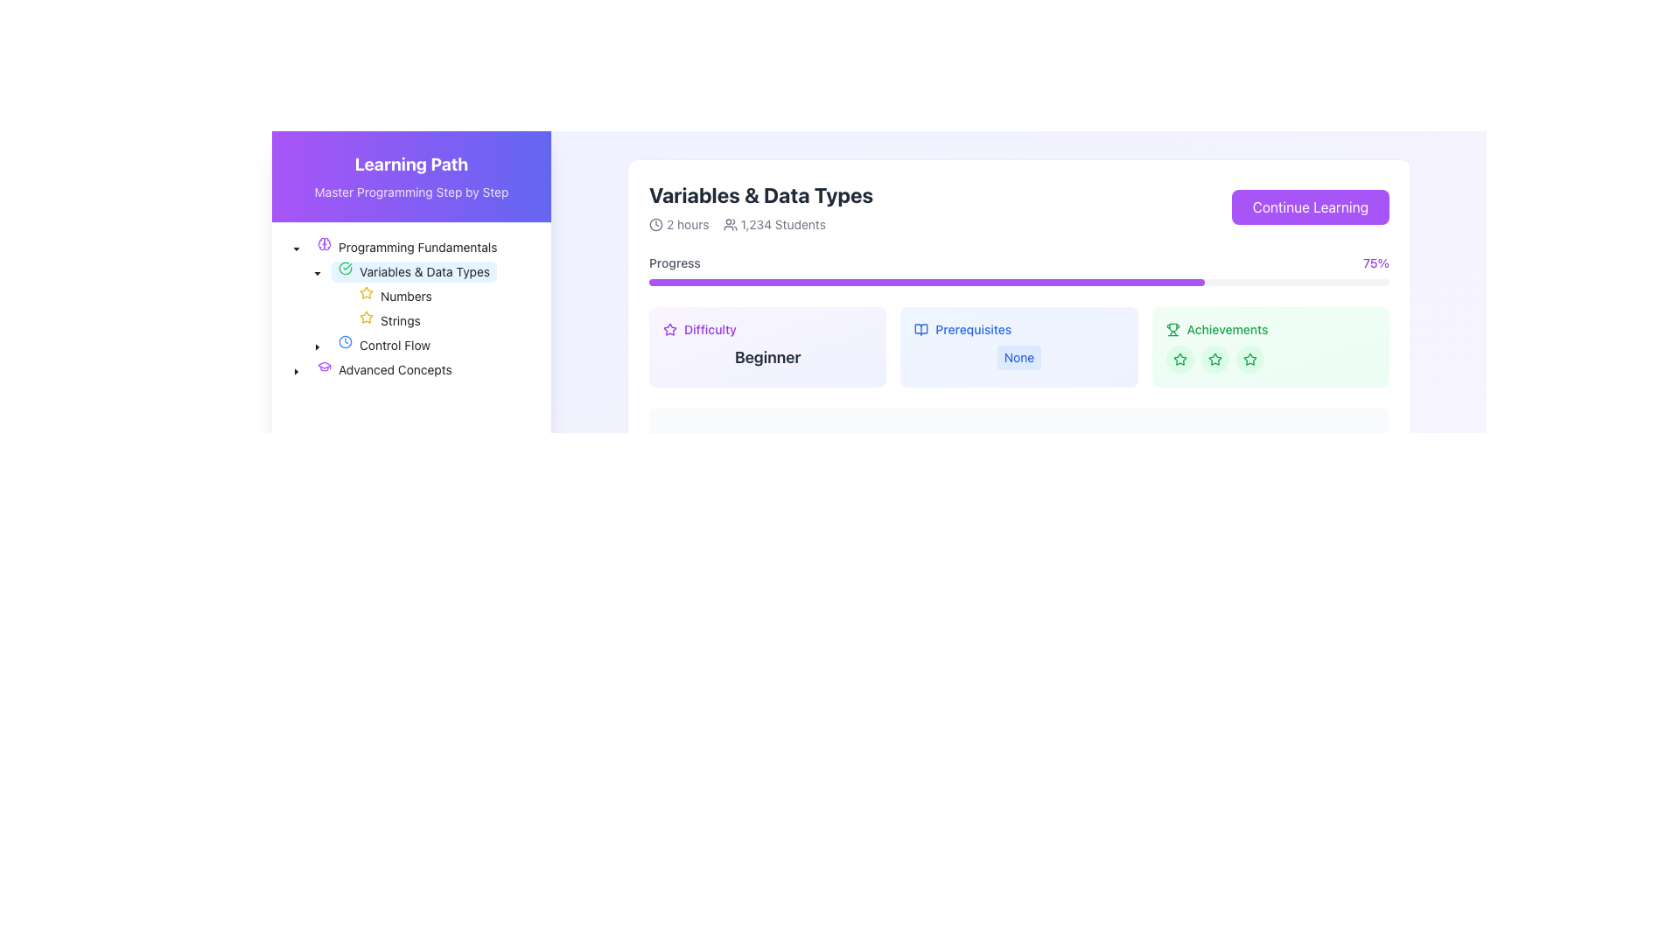 The image size is (1680, 945). Describe the element at coordinates (773, 224) in the screenshot. I see `the text label displaying '1,234 Students' with a user icon, located to the right of the '2 hours' label in the course information section` at that location.